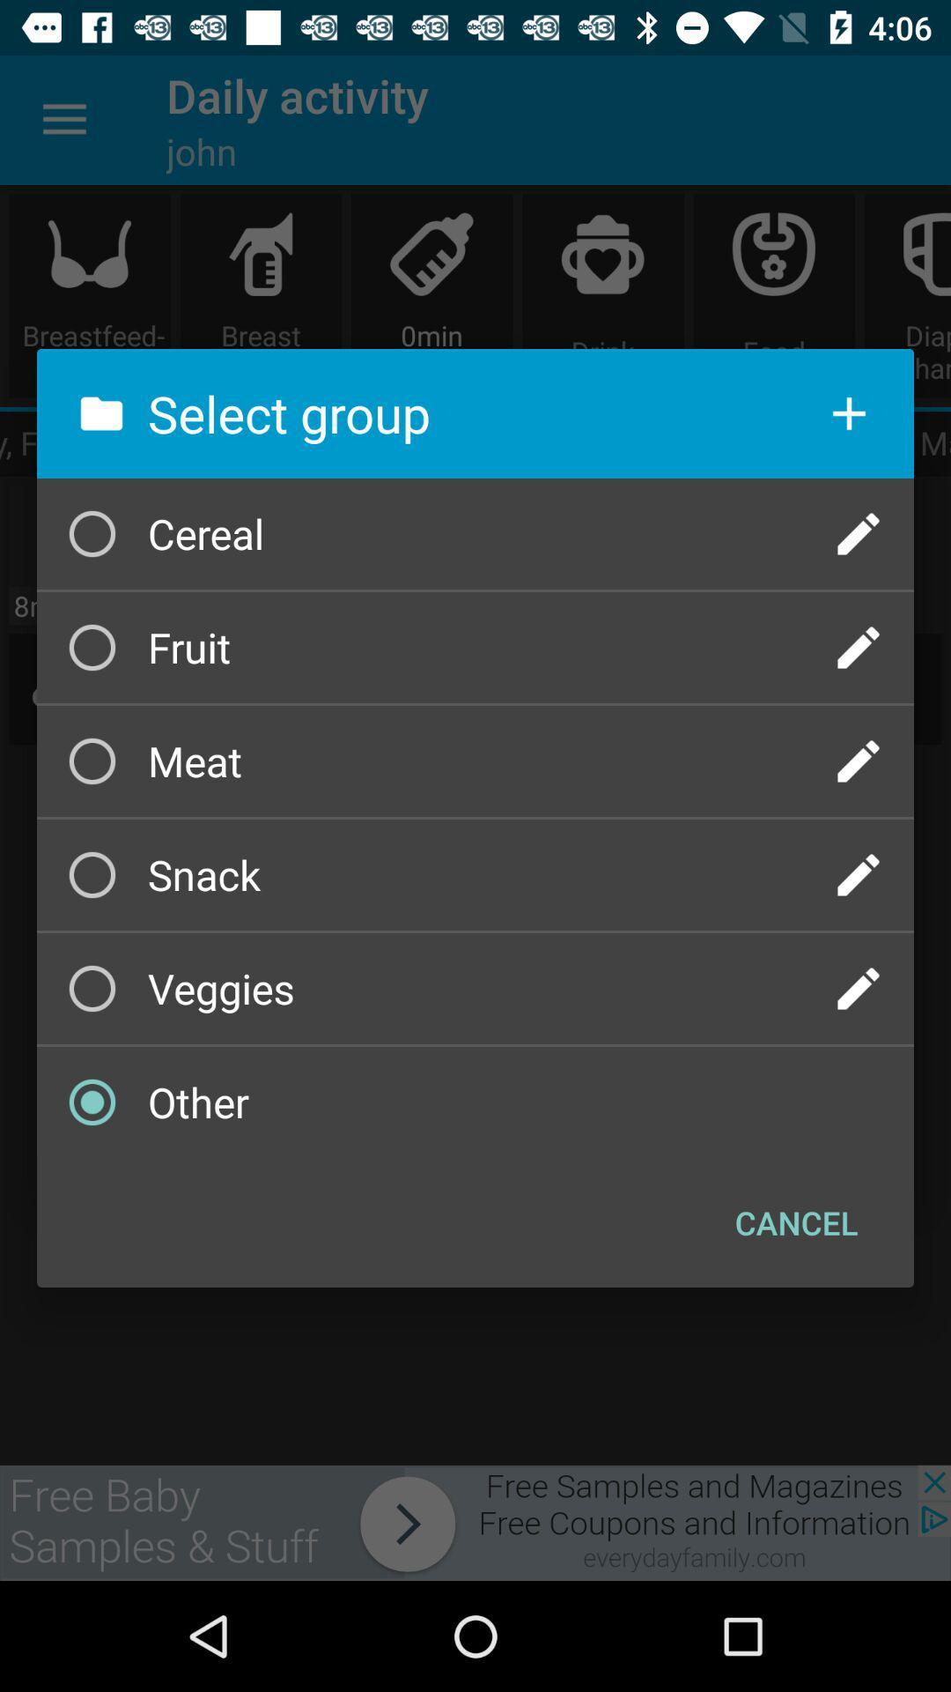  What do you see at coordinates (858, 989) in the screenshot?
I see `edit veggies activity` at bounding box center [858, 989].